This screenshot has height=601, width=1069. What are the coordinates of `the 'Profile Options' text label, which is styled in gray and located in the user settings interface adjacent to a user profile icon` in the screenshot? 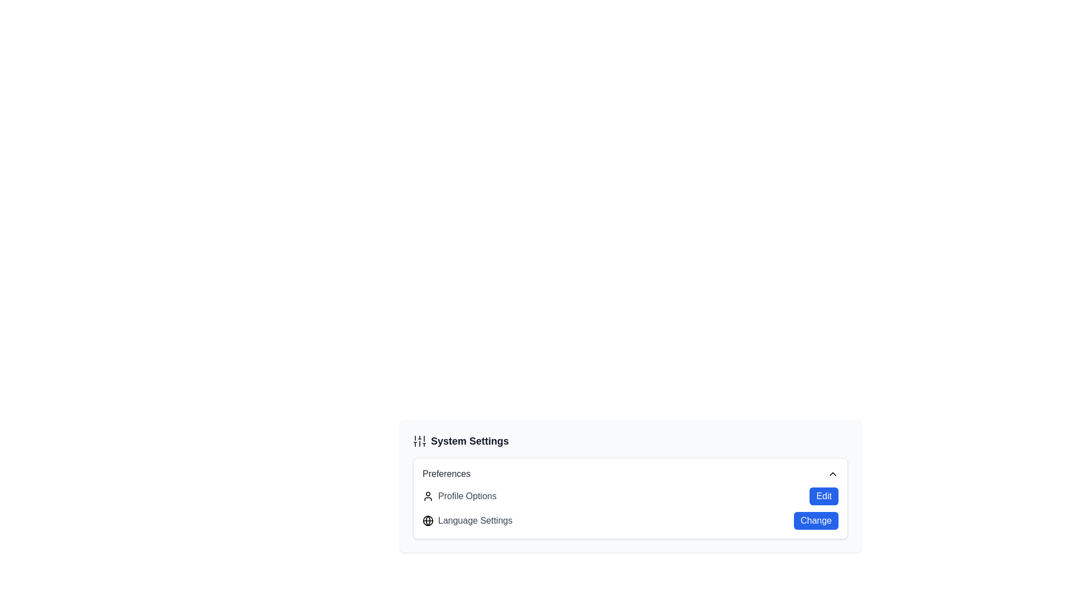 It's located at (467, 495).